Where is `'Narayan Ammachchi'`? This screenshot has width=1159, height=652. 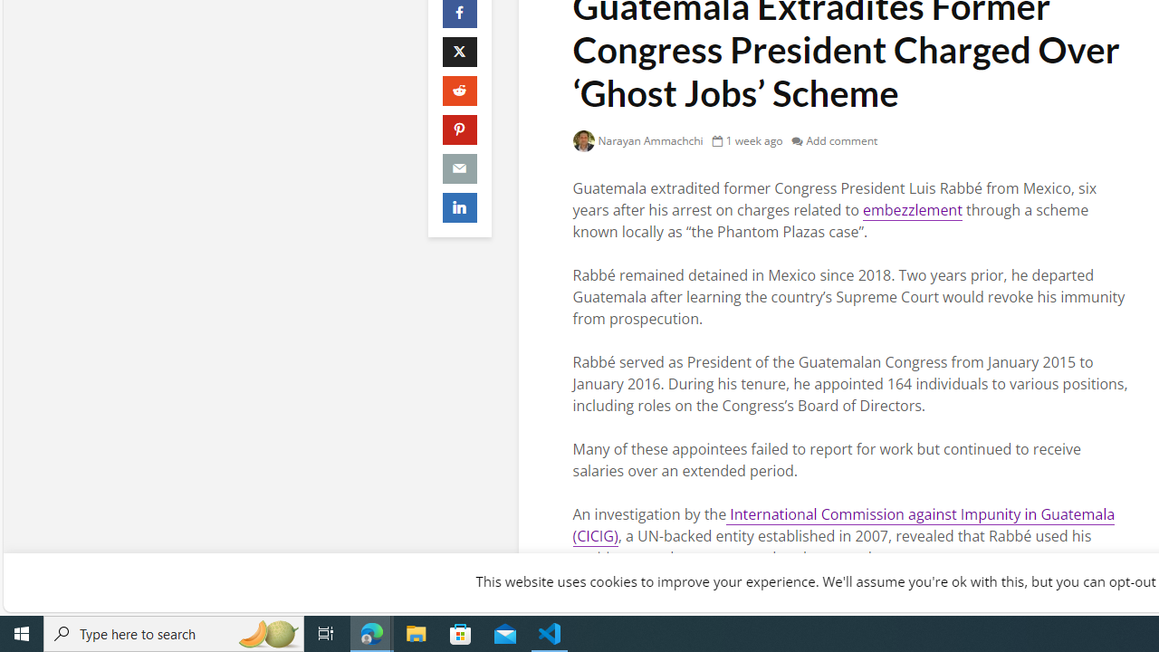
'Narayan Ammachchi' is located at coordinates (637, 139).